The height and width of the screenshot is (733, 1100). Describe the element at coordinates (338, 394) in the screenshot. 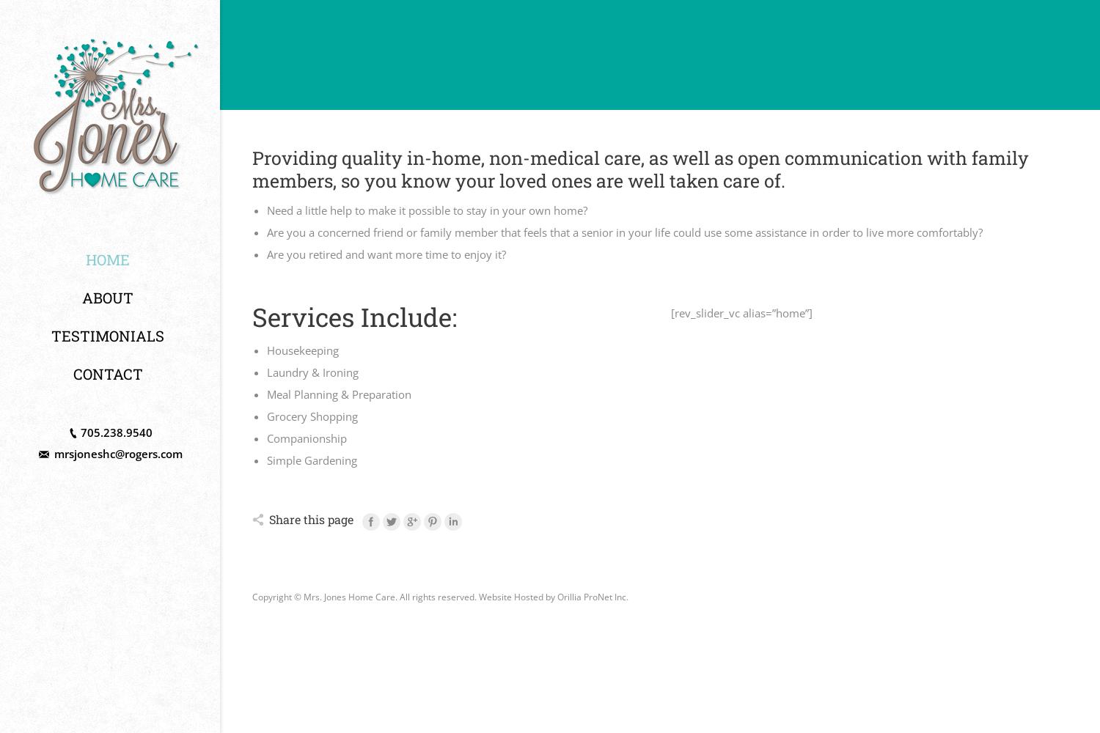

I see `'Meal Planning & Preparation'` at that location.